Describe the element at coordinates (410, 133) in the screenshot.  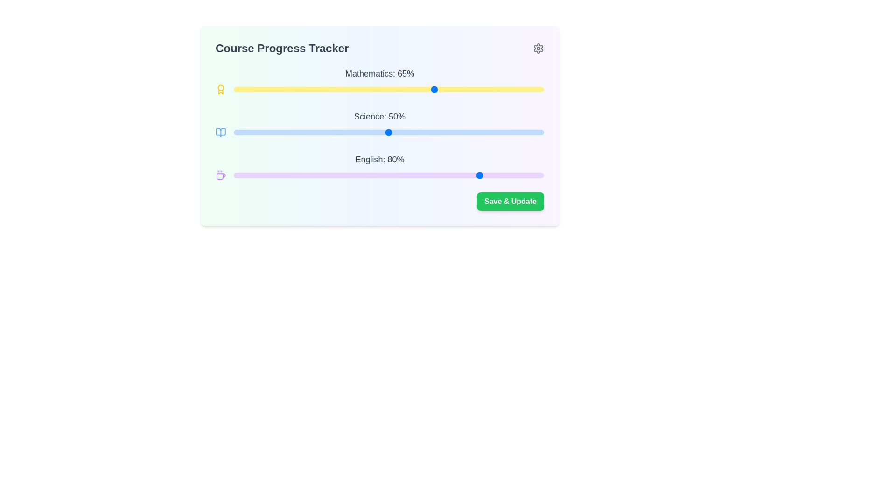
I see `progress` at that location.